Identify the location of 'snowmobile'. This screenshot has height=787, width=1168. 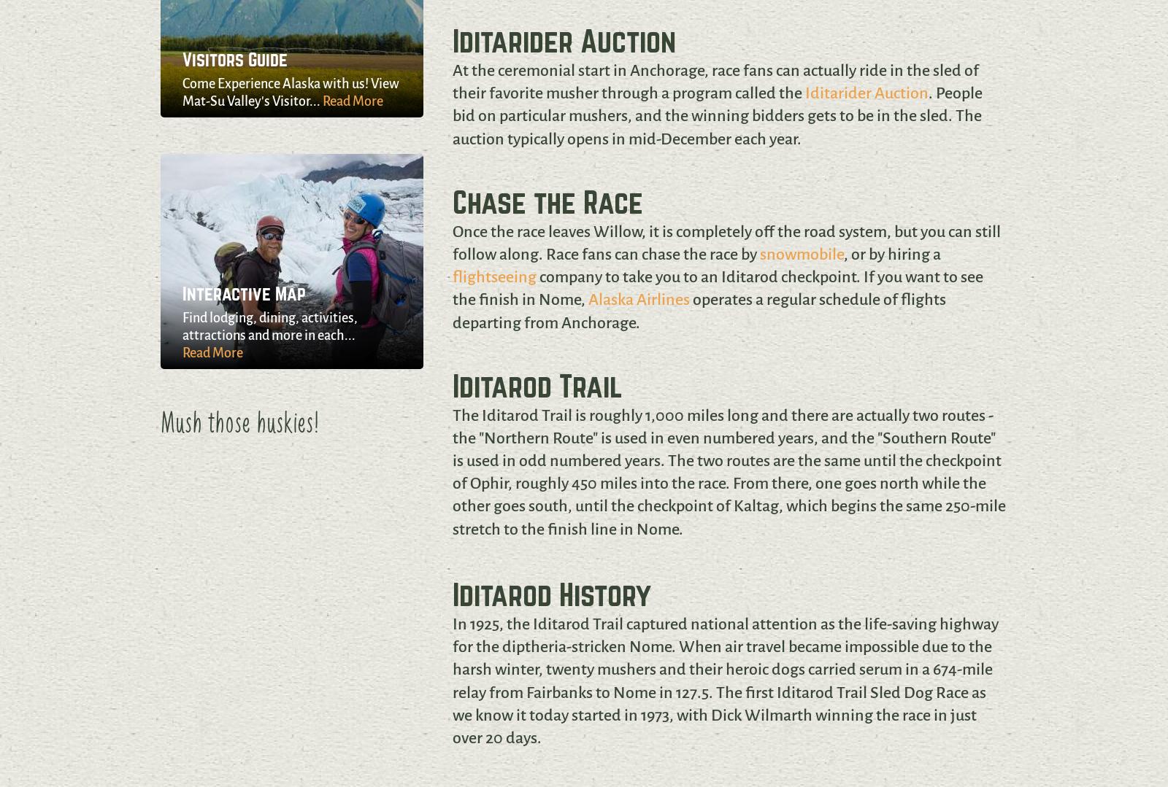
(759, 253).